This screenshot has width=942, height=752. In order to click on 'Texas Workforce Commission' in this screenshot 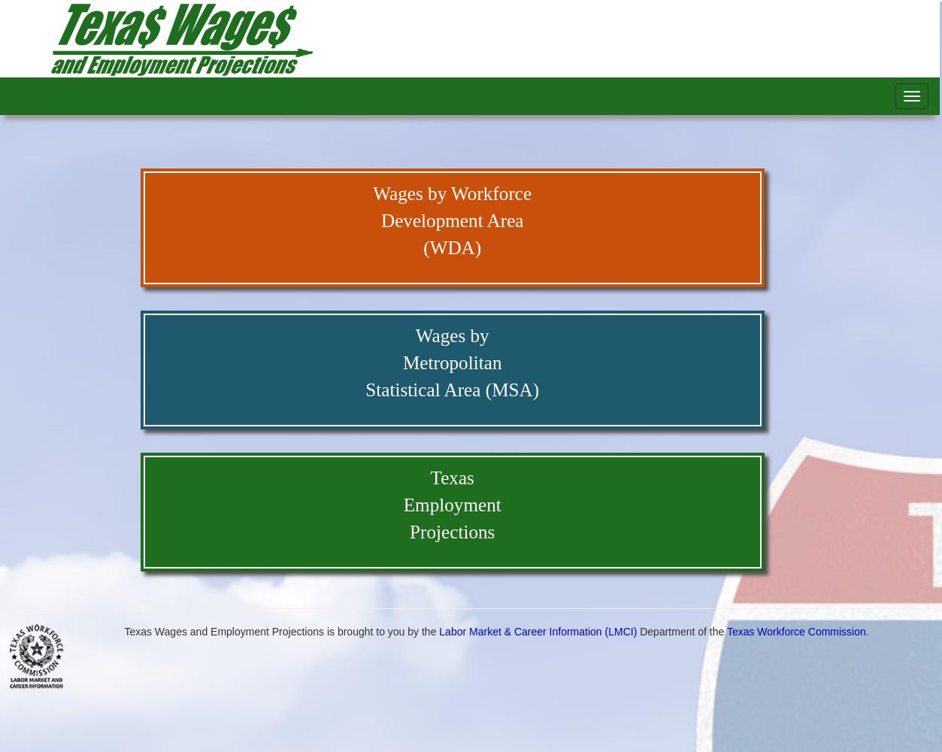, I will do `click(795, 630)`.